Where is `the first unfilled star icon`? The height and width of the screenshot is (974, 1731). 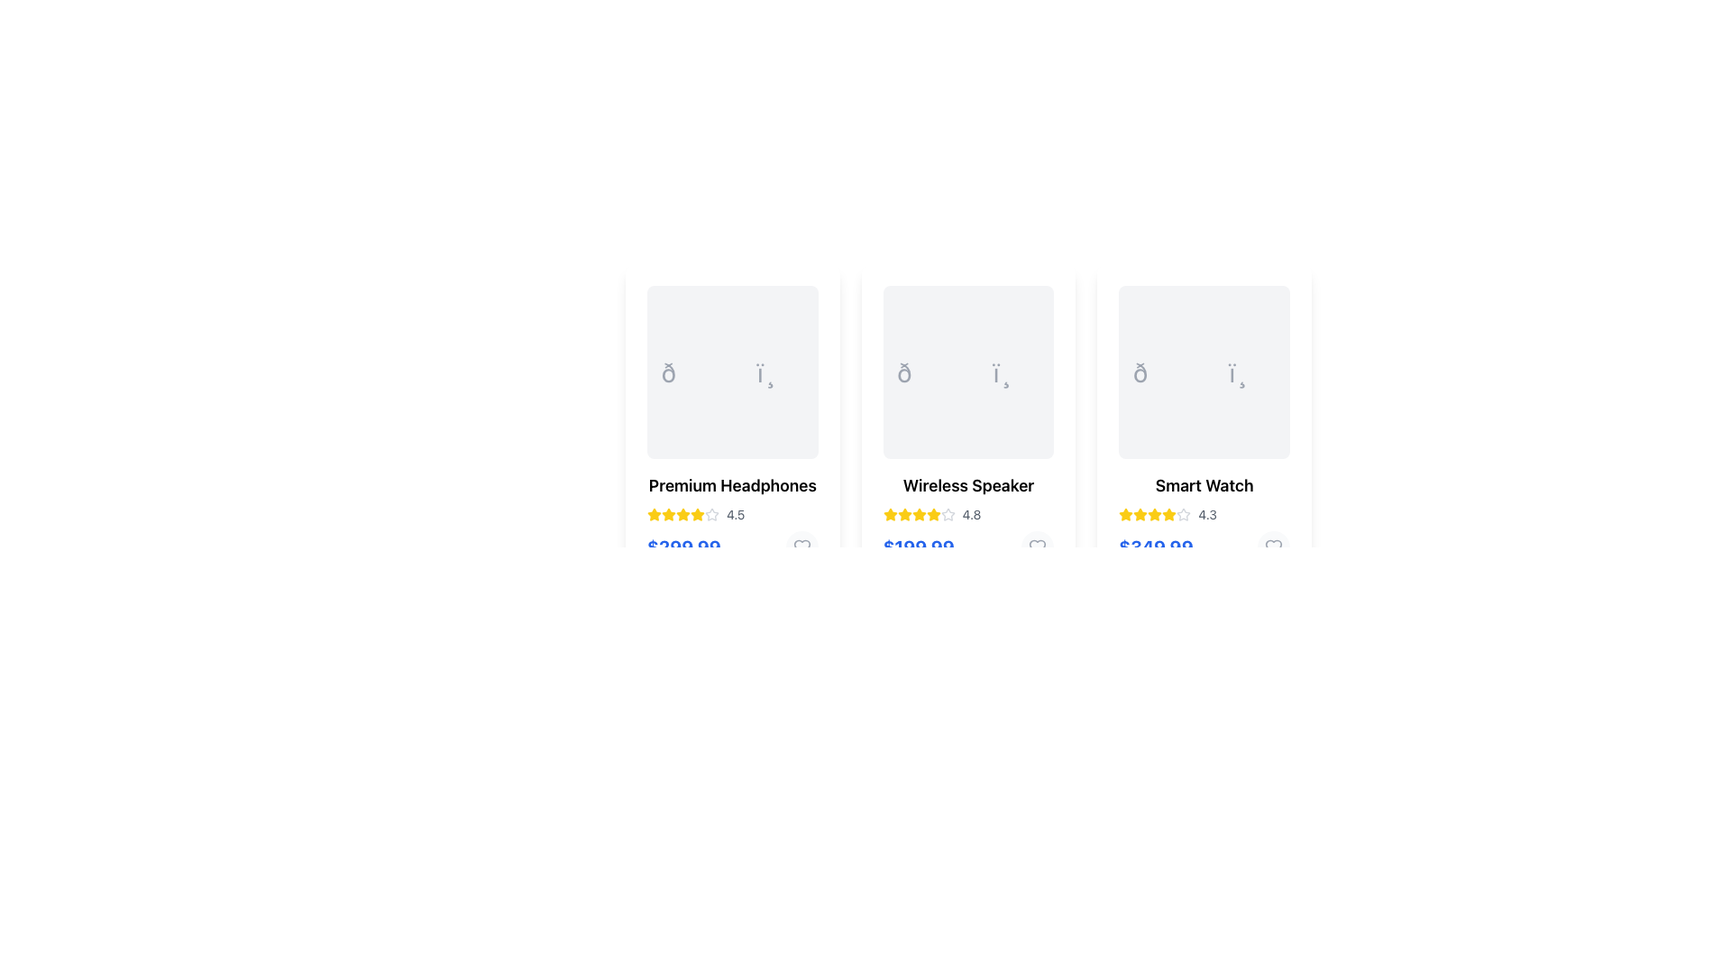
the first unfilled star icon is located at coordinates (711, 514).